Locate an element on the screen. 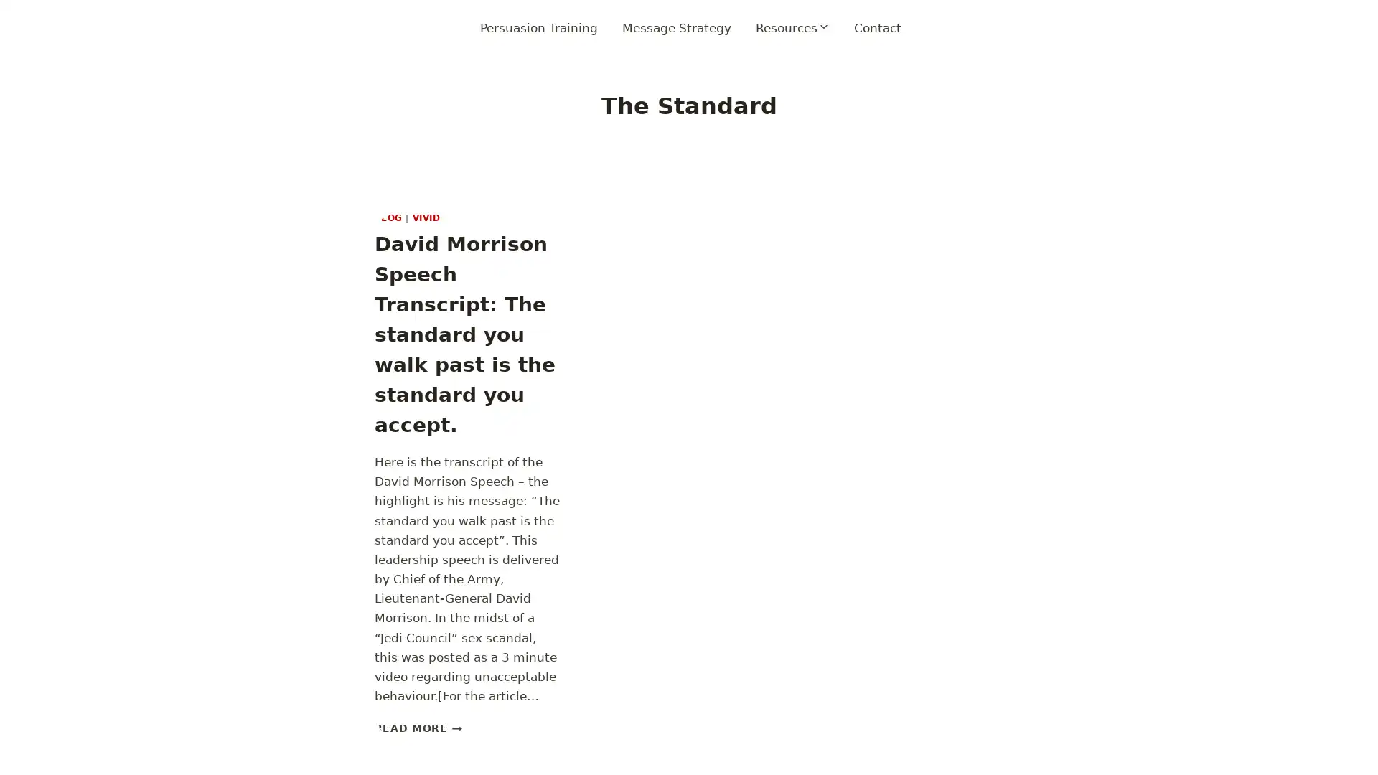 This screenshot has height=775, width=1378. Expand child menu is located at coordinates (791, 28).